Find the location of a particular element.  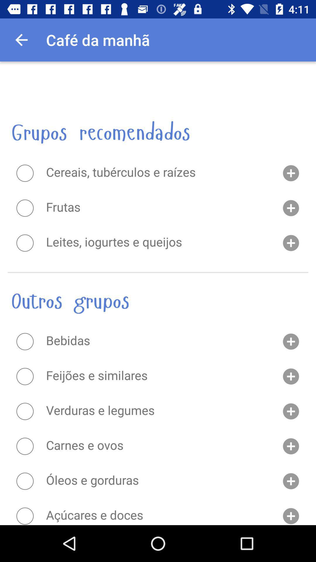

click group is located at coordinates (25, 243).